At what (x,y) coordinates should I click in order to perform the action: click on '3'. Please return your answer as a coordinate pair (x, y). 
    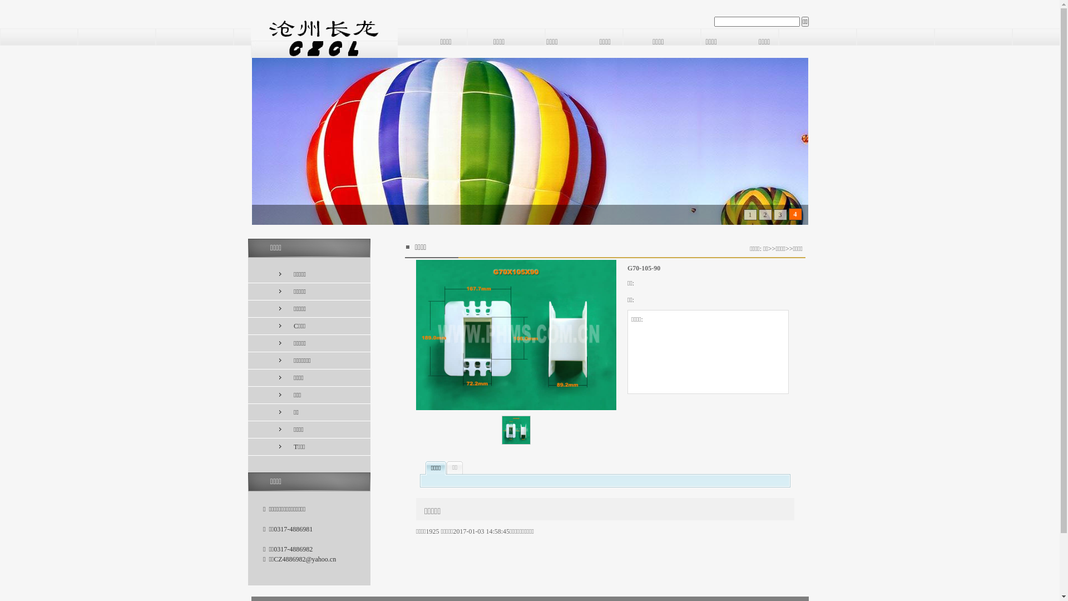
    Looking at the image, I should click on (779, 214).